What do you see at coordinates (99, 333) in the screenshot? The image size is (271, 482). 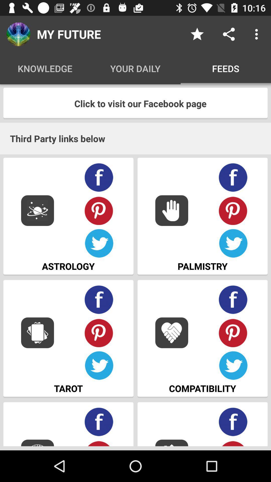 I see `the pinterest app` at bounding box center [99, 333].